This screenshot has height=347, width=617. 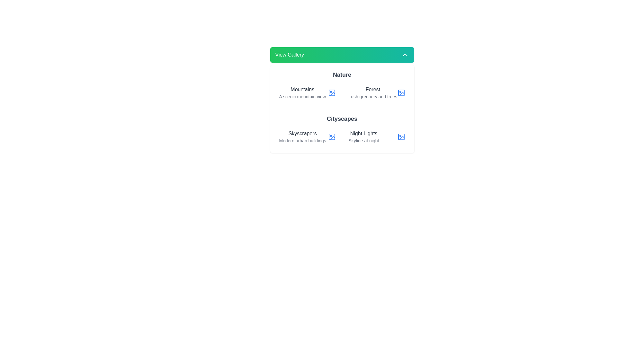 What do you see at coordinates (332, 93) in the screenshot?
I see `the blue image icon depicting a pictogram with a circular and angled line design, located in the top-left section of the 'Nature' category adjacent to the text 'Mountains.'` at bounding box center [332, 93].